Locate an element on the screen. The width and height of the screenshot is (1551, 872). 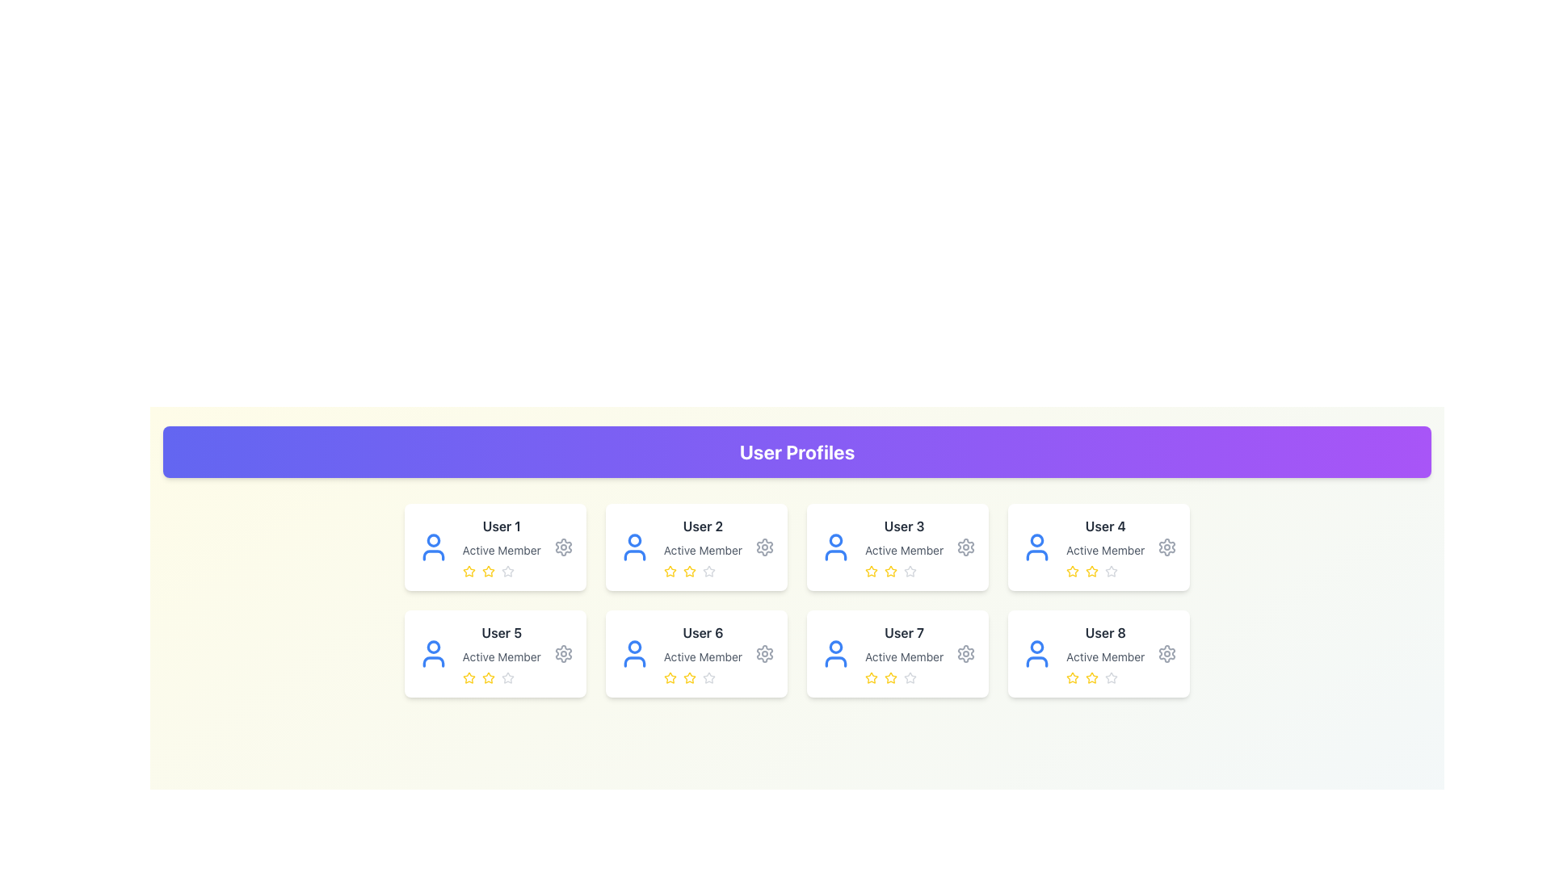
the first star icon in the rating system below the 'Active Member' label on the user profile card labeled 'User 2' is located at coordinates (670, 571).